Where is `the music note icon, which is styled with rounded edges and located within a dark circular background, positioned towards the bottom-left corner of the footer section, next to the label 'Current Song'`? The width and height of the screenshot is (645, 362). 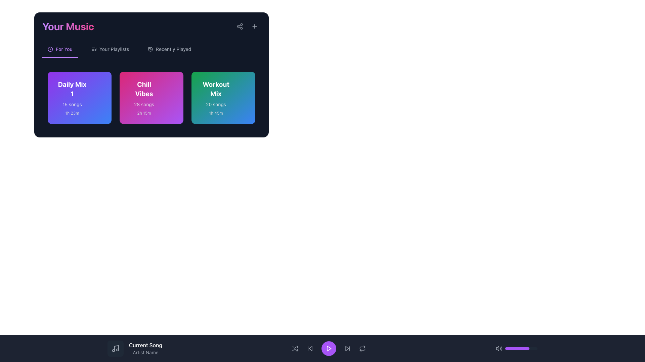
the music note icon, which is styled with rounded edges and located within a dark circular background, positioned towards the bottom-left corner of the footer section, next to the label 'Current Song' is located at coordinates (116, 348).